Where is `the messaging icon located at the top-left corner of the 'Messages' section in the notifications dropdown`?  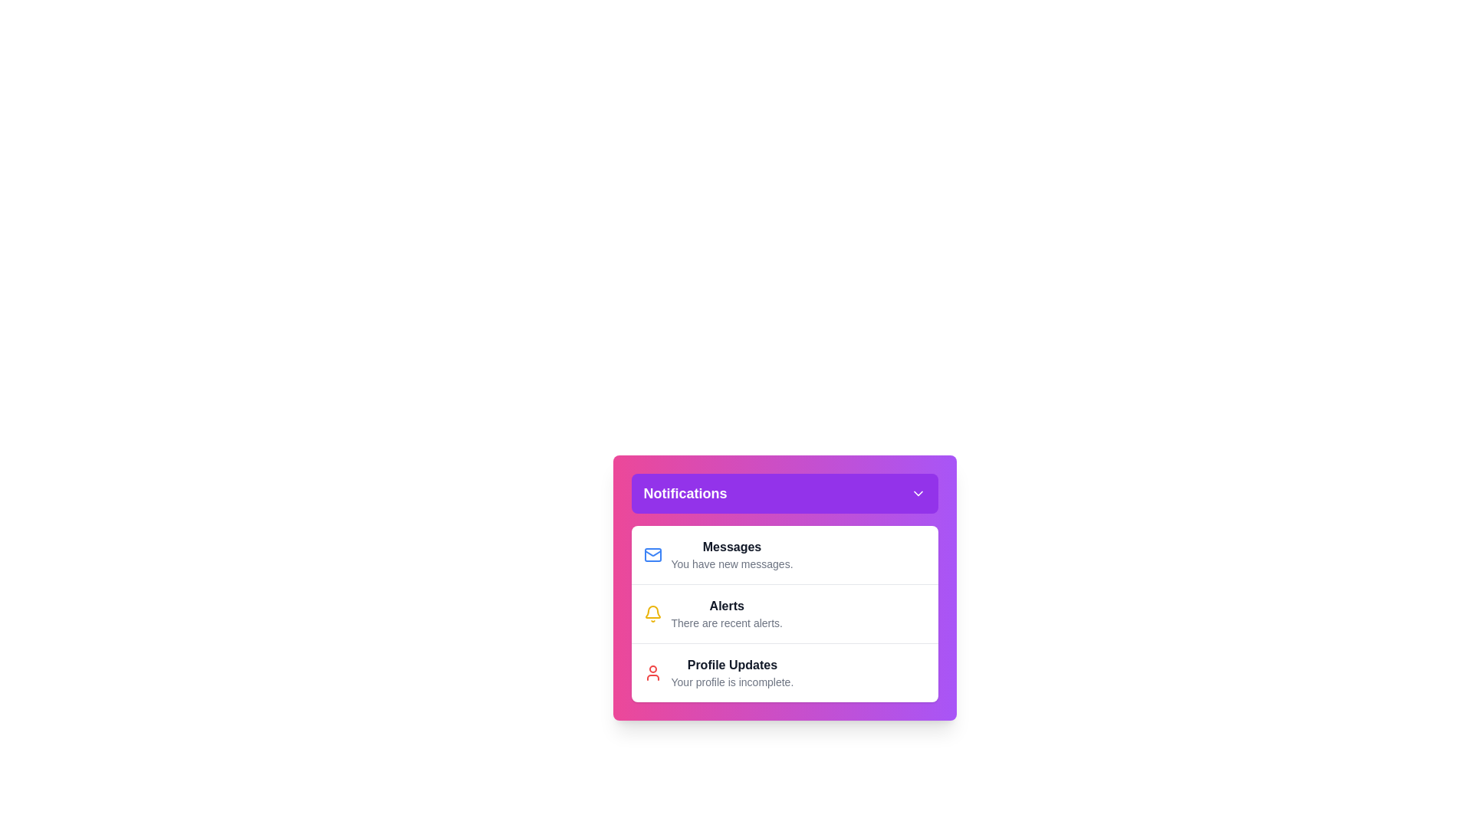 the messaging icon located at the top-left corner of the 'Messages' section in the notifications dropdown is located at coordinates (652, 555).